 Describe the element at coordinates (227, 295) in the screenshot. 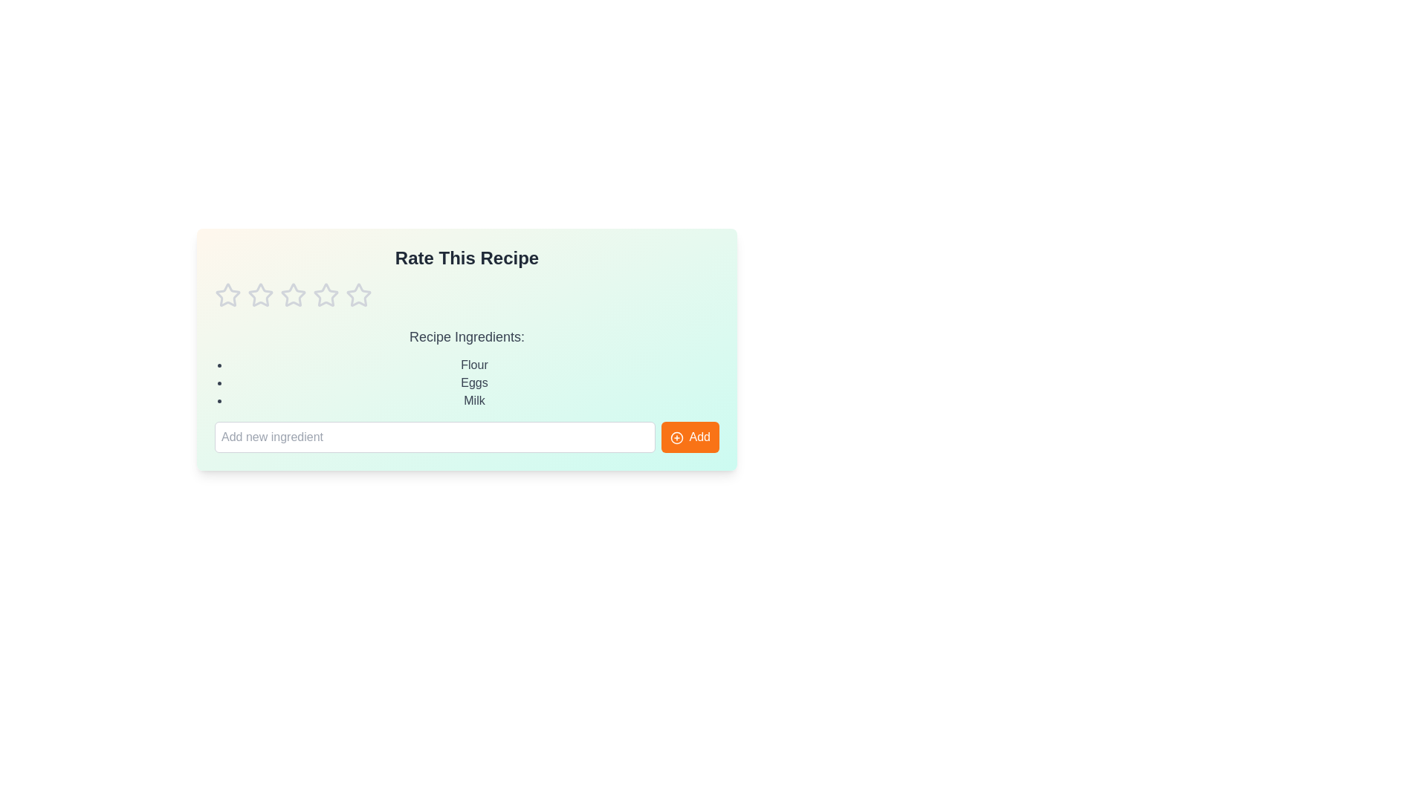

I see `the star corresponding to the rating 1 to set the recipe rating` at that location.